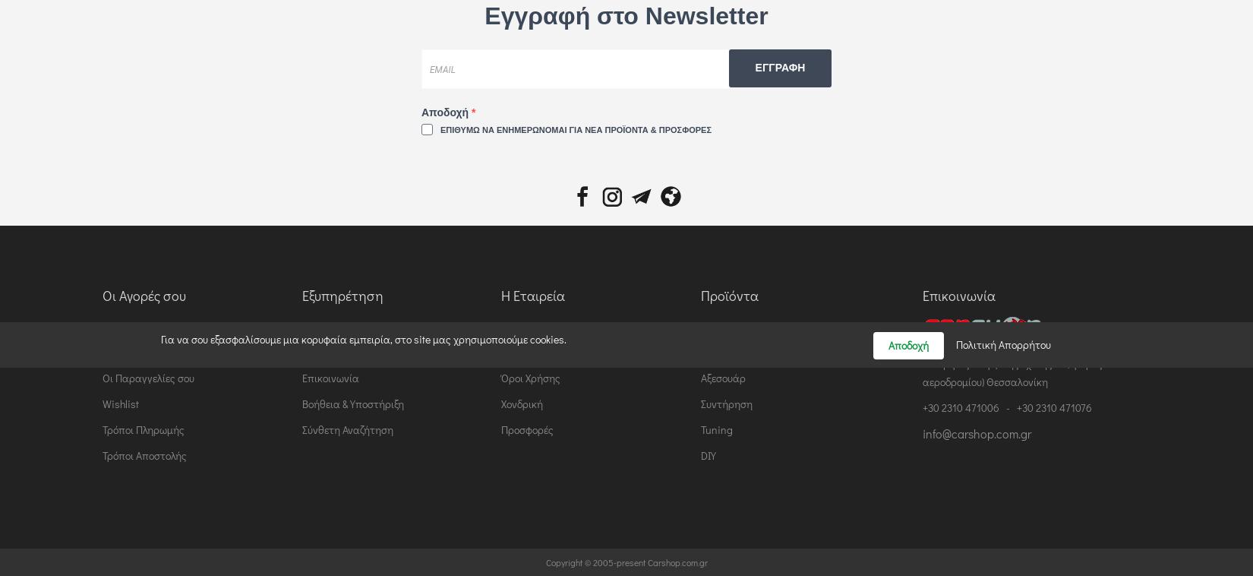  What do you see at coordinates (707, 455) in the screenshot?
I see `'DIY'` at bounding box center [707, 455].